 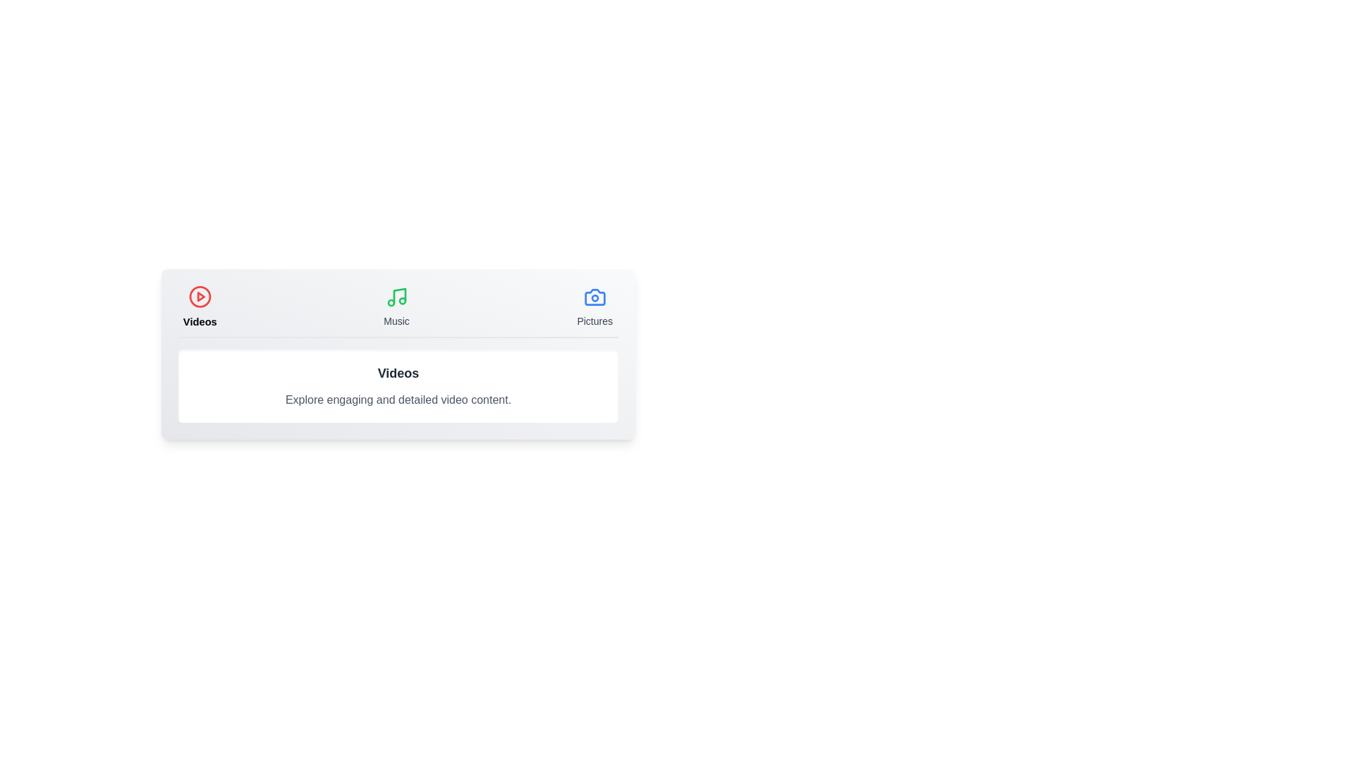 What do you see at coordinates (199, 306) in the screenshot?
I see `the Videos tab by clicking on its button` at bounding box center [199, 306].